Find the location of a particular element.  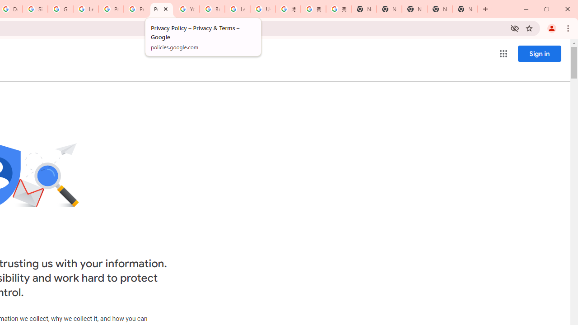

'Browse Chrome as a guest - Computer - Google Chrome Help' is located at coordinates (211, 9).